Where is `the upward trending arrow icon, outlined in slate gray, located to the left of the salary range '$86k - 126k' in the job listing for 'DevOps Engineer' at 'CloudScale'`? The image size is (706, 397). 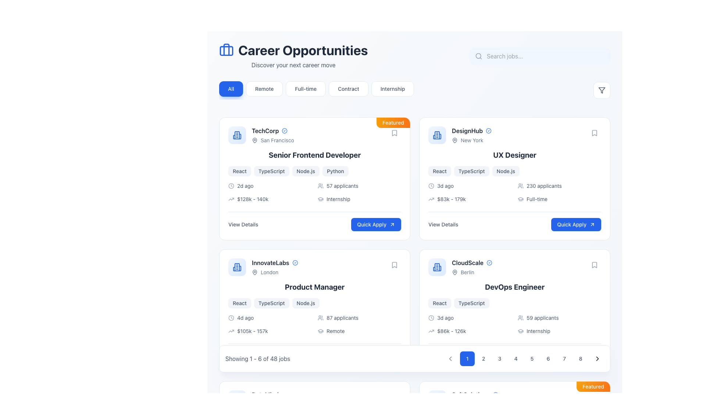
the upward trending arrow icon, outlined in slate gray, located to the left of the salary range '$86k - 126k' in the job listing for 'DevOps Engineer' at 'CloudScale' is located at coordinates (431, 331).